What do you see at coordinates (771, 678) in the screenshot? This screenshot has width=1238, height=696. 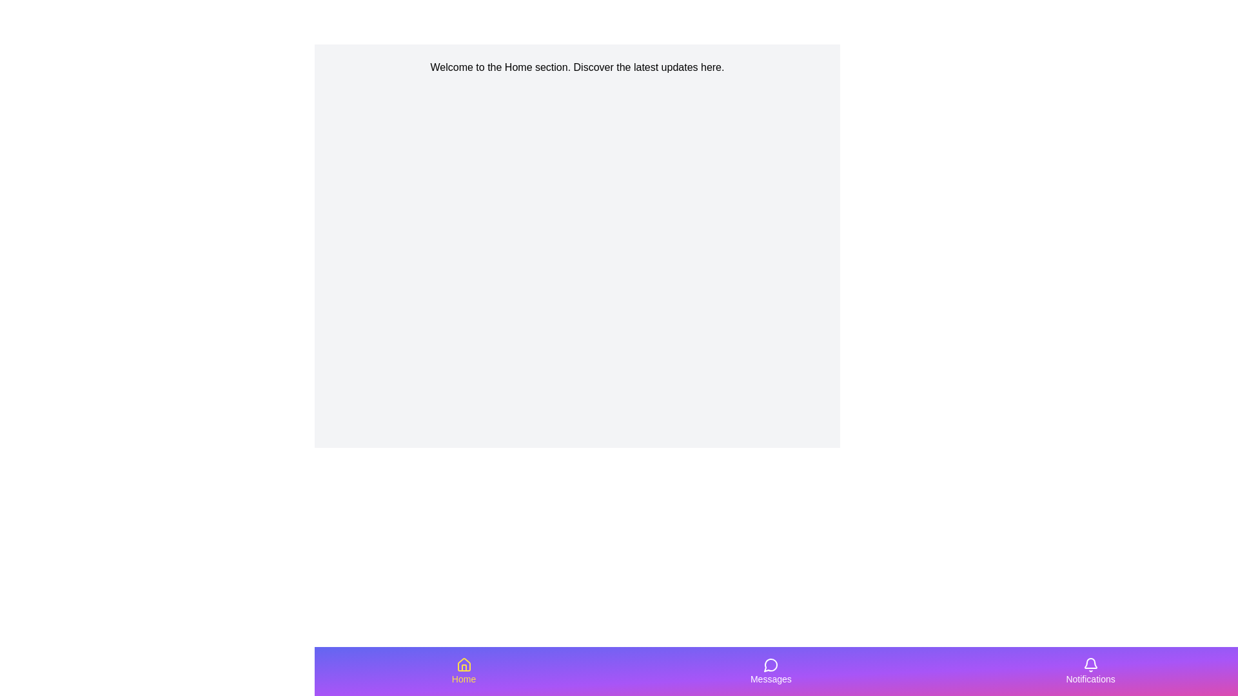 I see `the 'Messages' label in the bottom navigation bar` at bounding box center [771, 678].